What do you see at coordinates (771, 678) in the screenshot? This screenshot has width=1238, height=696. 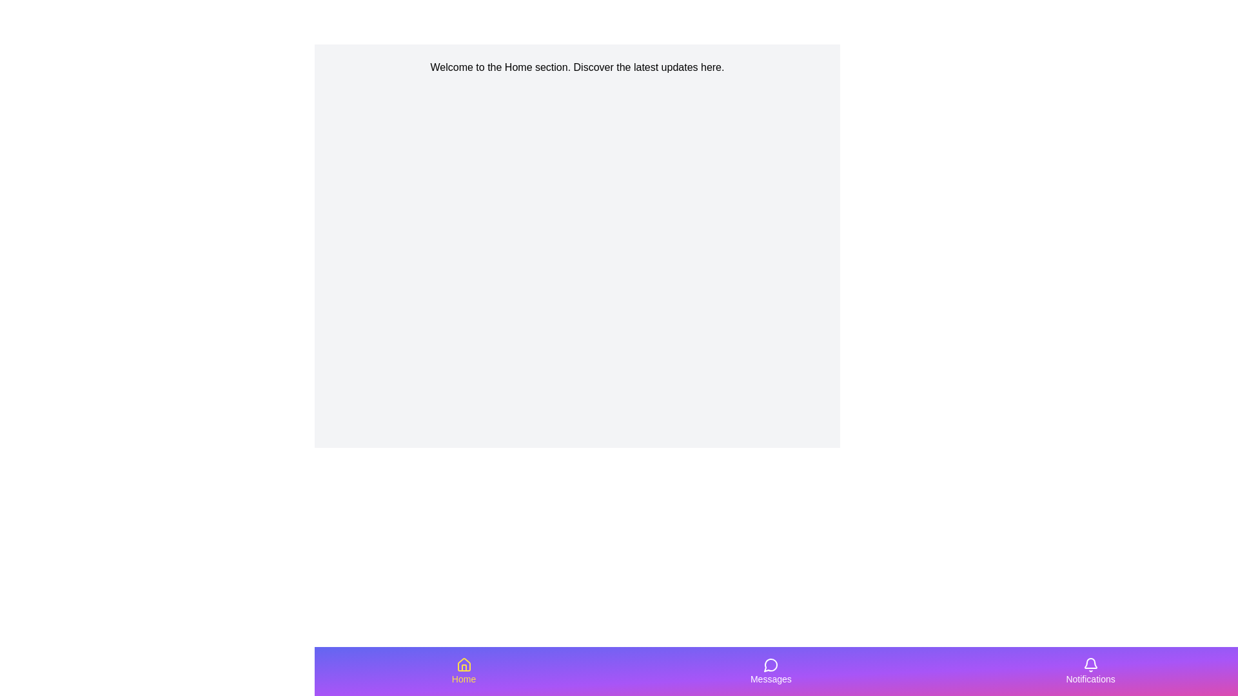 I see `the 'Messages' label in the bottom navigation bar` at bounding box center [771, 678].